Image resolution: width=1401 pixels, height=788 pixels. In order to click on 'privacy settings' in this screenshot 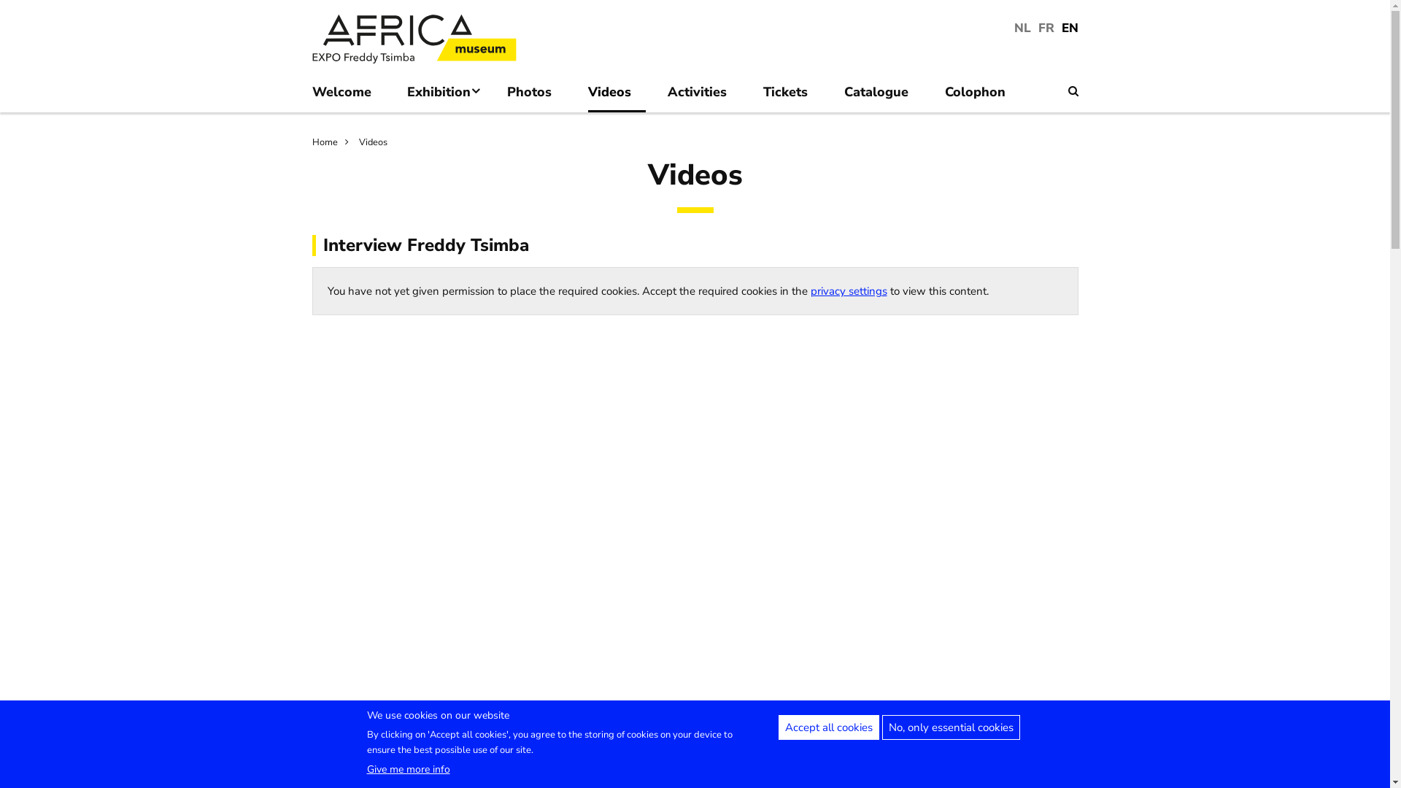, I will do `click(848, 290)`.